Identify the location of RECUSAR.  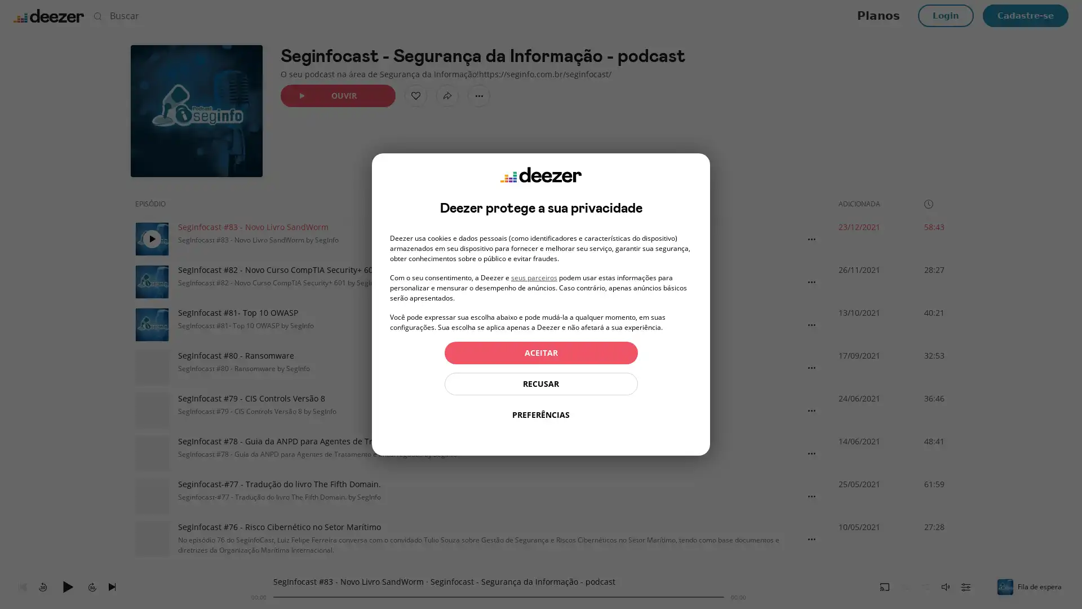
(540, 383).